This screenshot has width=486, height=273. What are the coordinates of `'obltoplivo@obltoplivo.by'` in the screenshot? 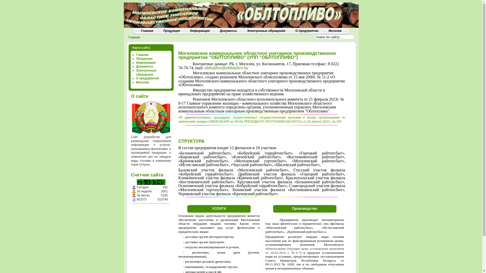 It's located at (204, 67).